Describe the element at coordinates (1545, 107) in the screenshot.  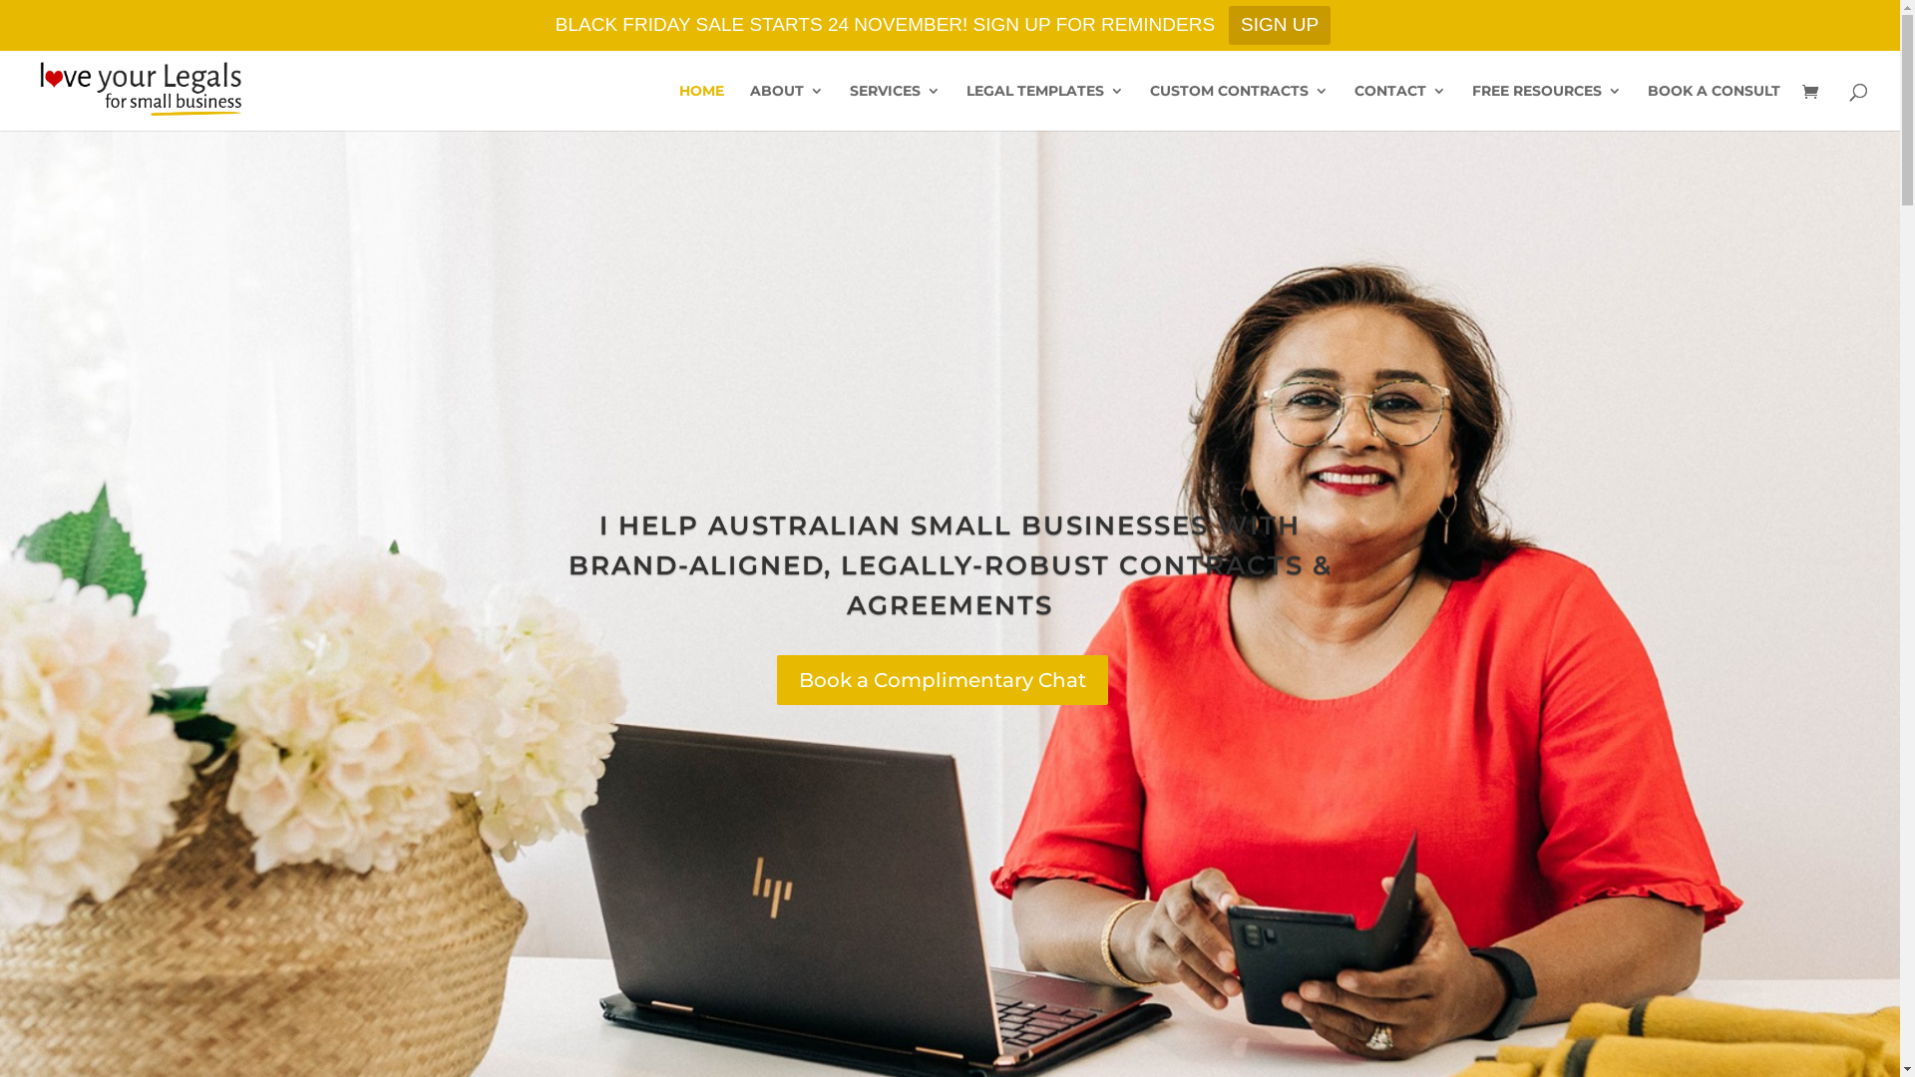
I see `'FREE RESOURCES'` at that location.